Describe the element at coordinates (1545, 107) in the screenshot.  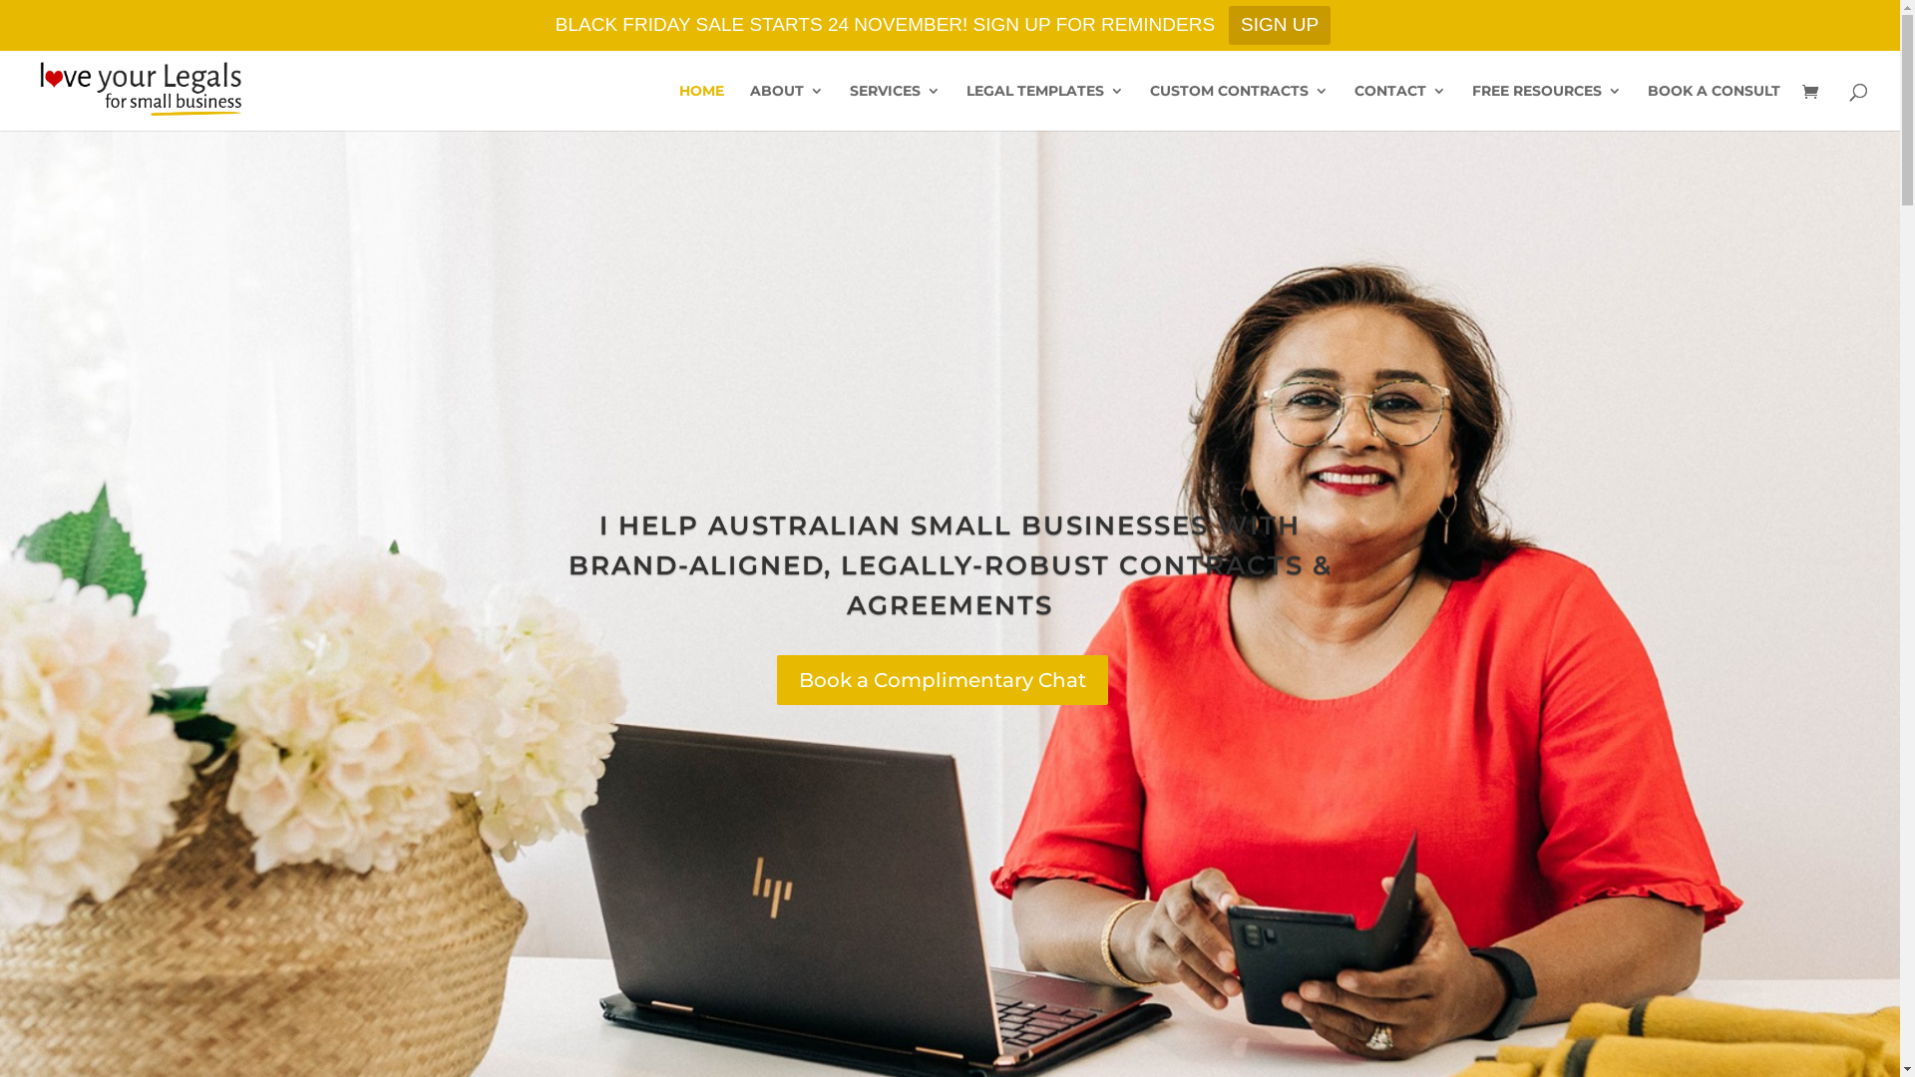
I see `'FREE RESOURCES'` at that location.